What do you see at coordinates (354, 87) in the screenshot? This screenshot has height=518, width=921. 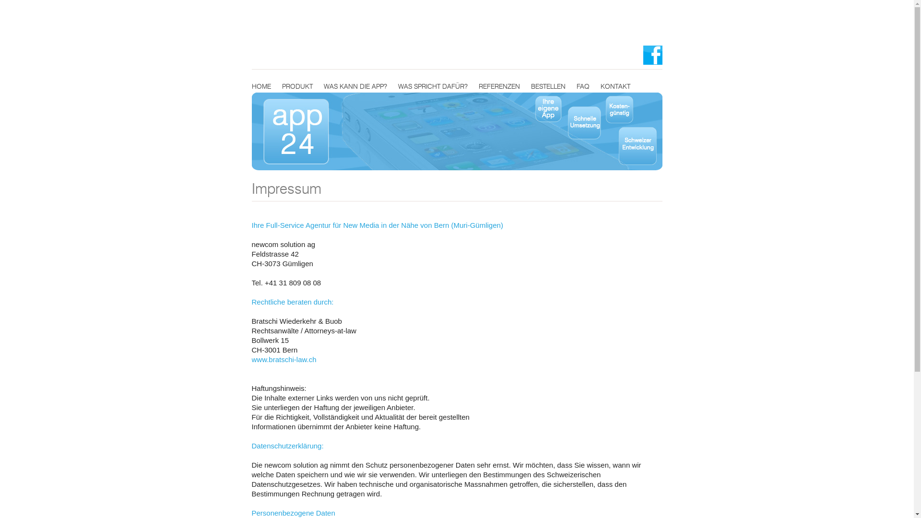 I see `'WAS KANN DIE APP?'` at bounding box center [354, 87].